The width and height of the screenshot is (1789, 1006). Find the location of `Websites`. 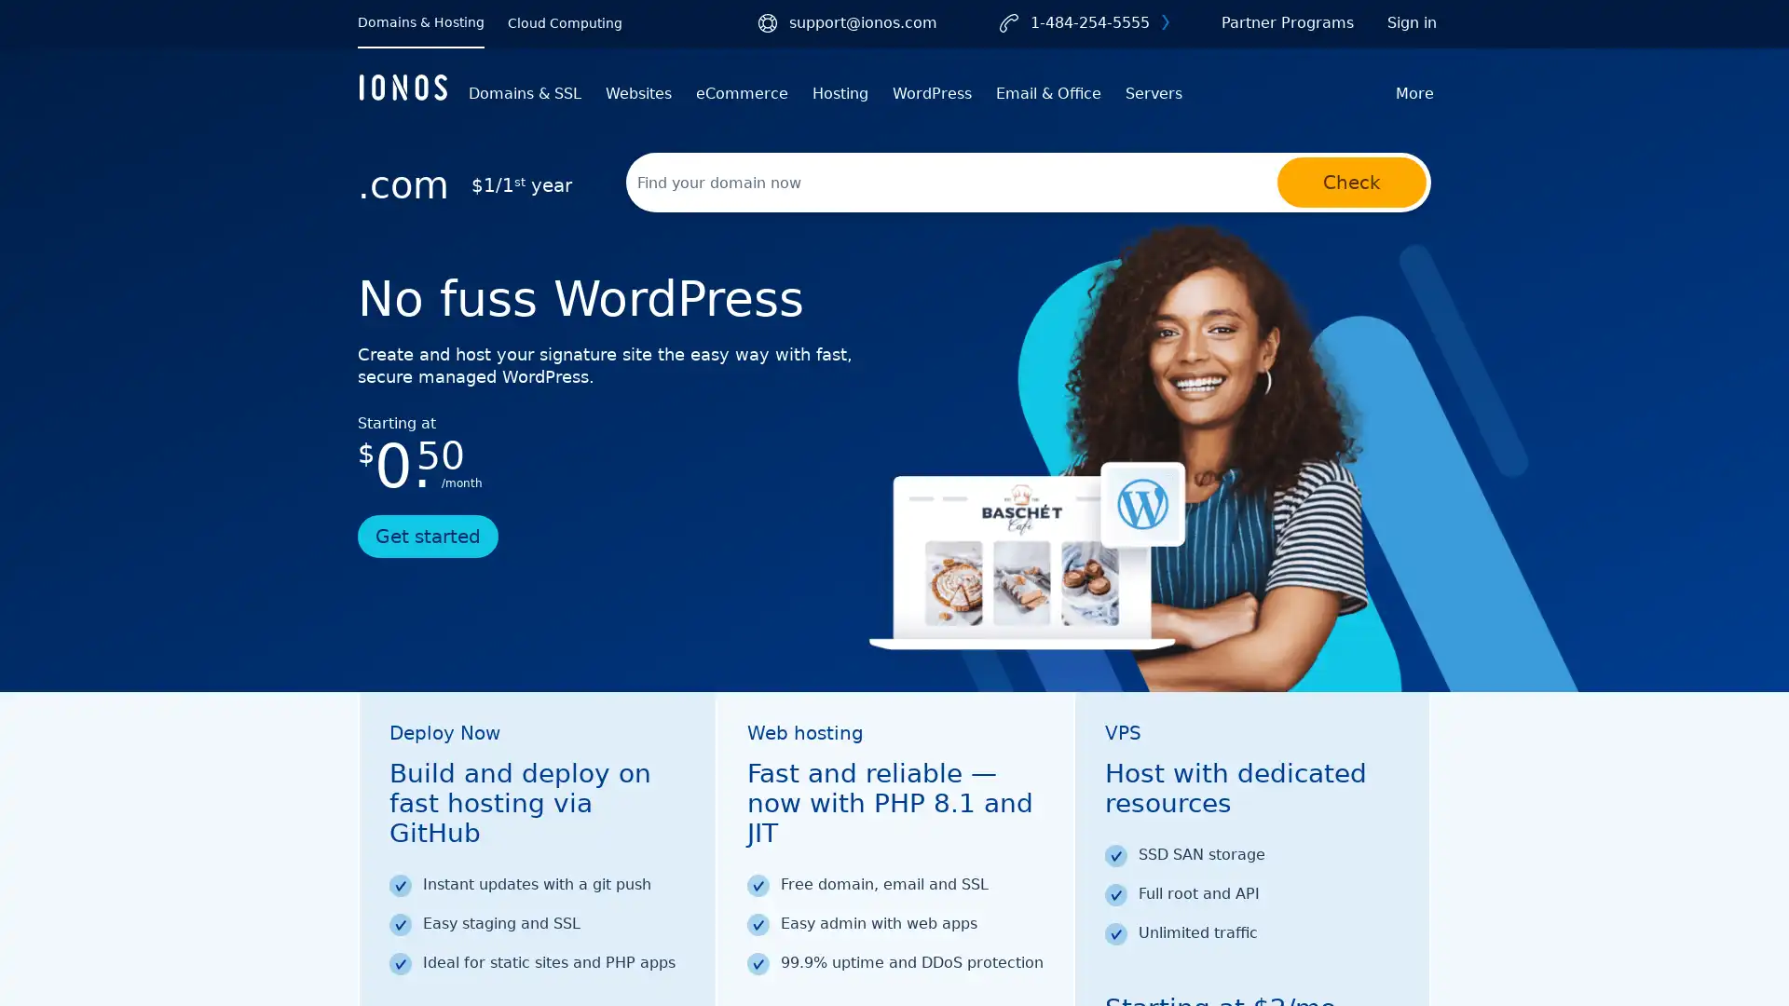

Websites is located at coordinates (638, 93).